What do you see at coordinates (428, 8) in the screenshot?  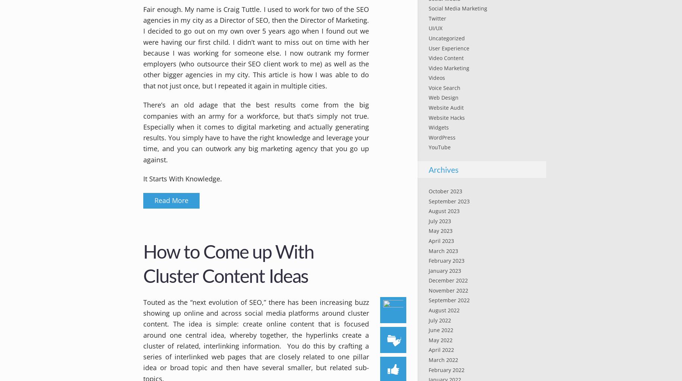 I see `'Social Media Marketing'` at bounding box center [428, 8].